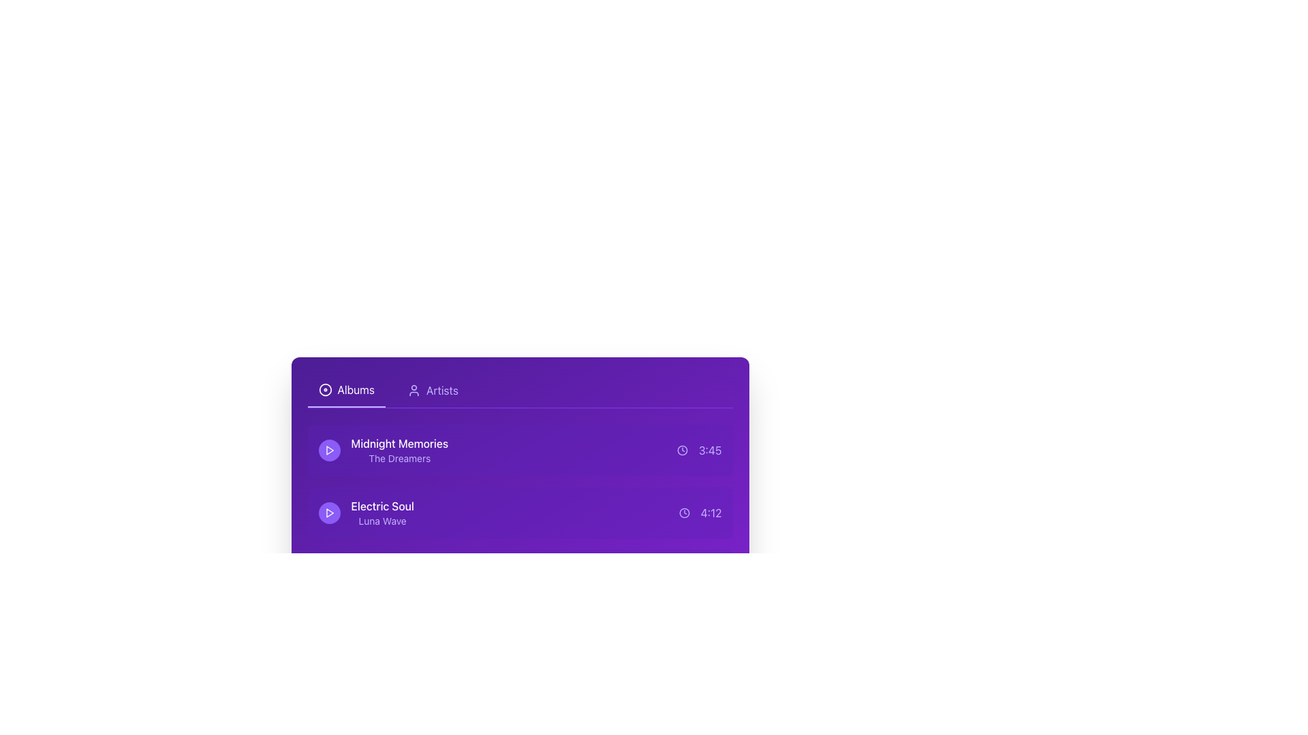  What do you see at coordinates (399, 451) in the screenshot?
I see `the title and subtitle text content that serves as descriptive information for a song, album, or artist, located towards the center-left of a horizontal list item` at bounding box center [399, 451].